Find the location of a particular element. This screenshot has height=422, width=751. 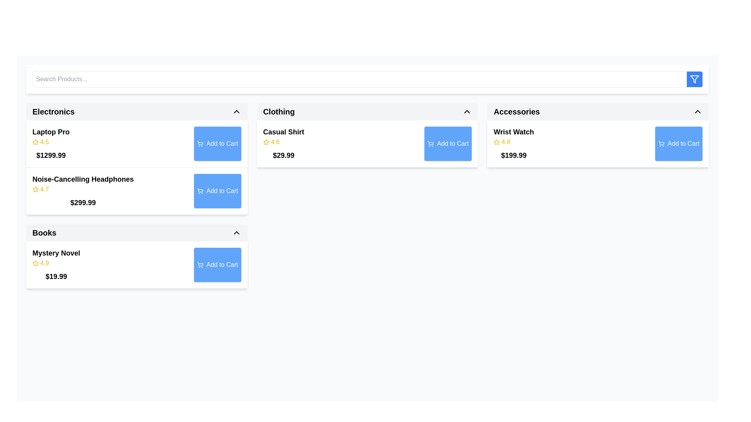

the button located at the bottom right corner of the 'Mystery Novel' item card is located at coordinates (217, 265).